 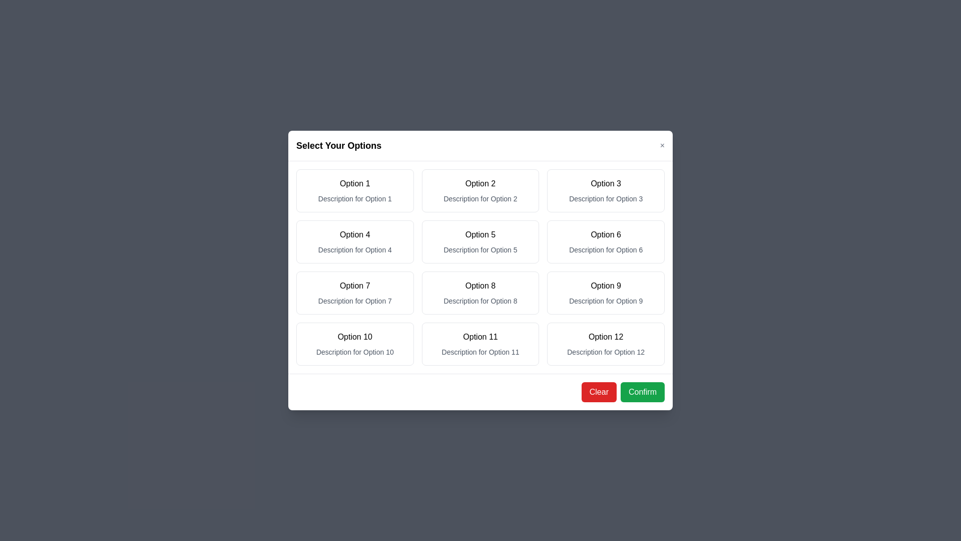 I want to click on the 'Confirm' button to confirm the selected options, so click(x=642, y=392).